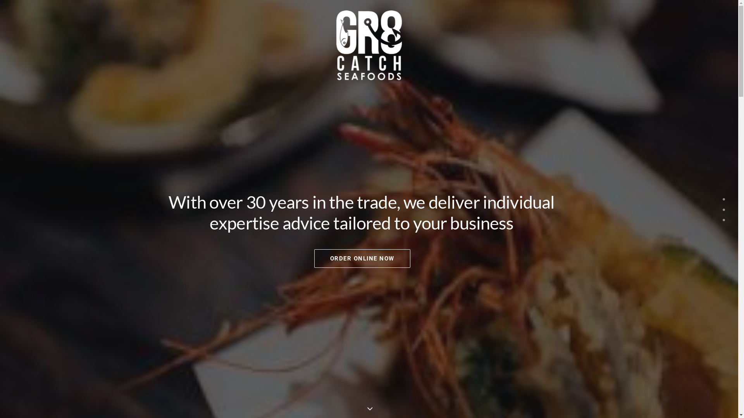  Describe the element at coordinates (362, 258) in the screenshot. I see `'ORDER ONLINE NOW'` at that location.